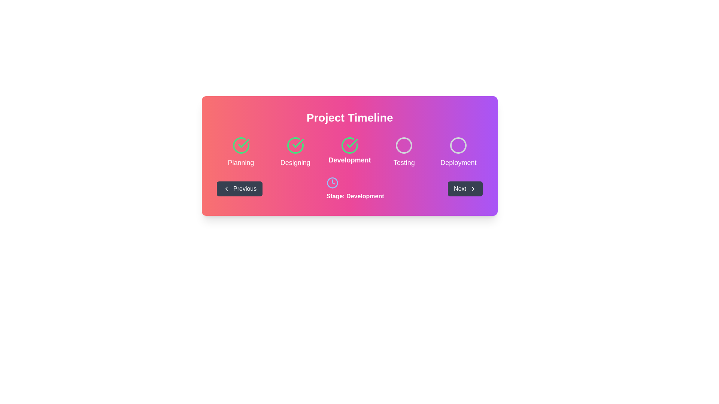 The image size is (719, 404). Describe the element at coordinates (472, 189) in the screenshot. I see `the rightward-pointing chevron icon located` at that location.